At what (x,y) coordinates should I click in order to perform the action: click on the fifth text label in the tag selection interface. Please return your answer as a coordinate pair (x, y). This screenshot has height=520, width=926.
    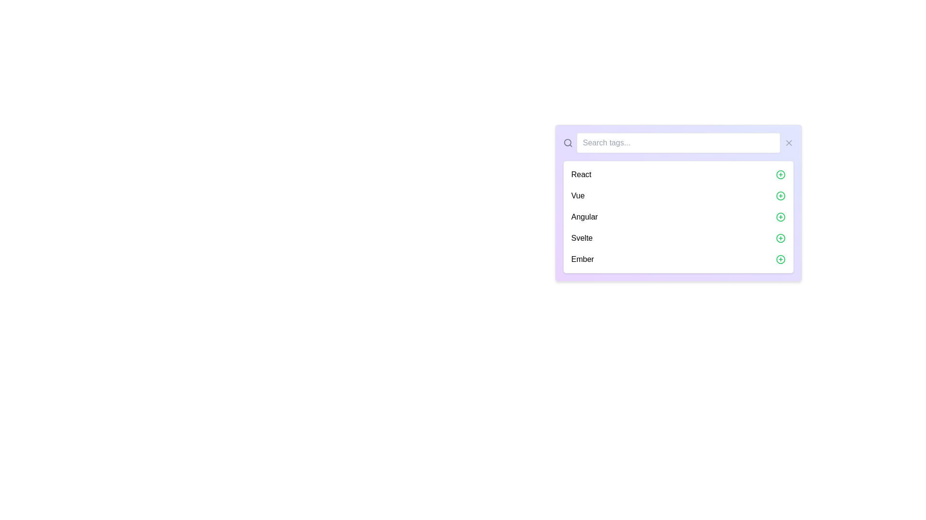
    Looking at the image, I should click on (582, 259).